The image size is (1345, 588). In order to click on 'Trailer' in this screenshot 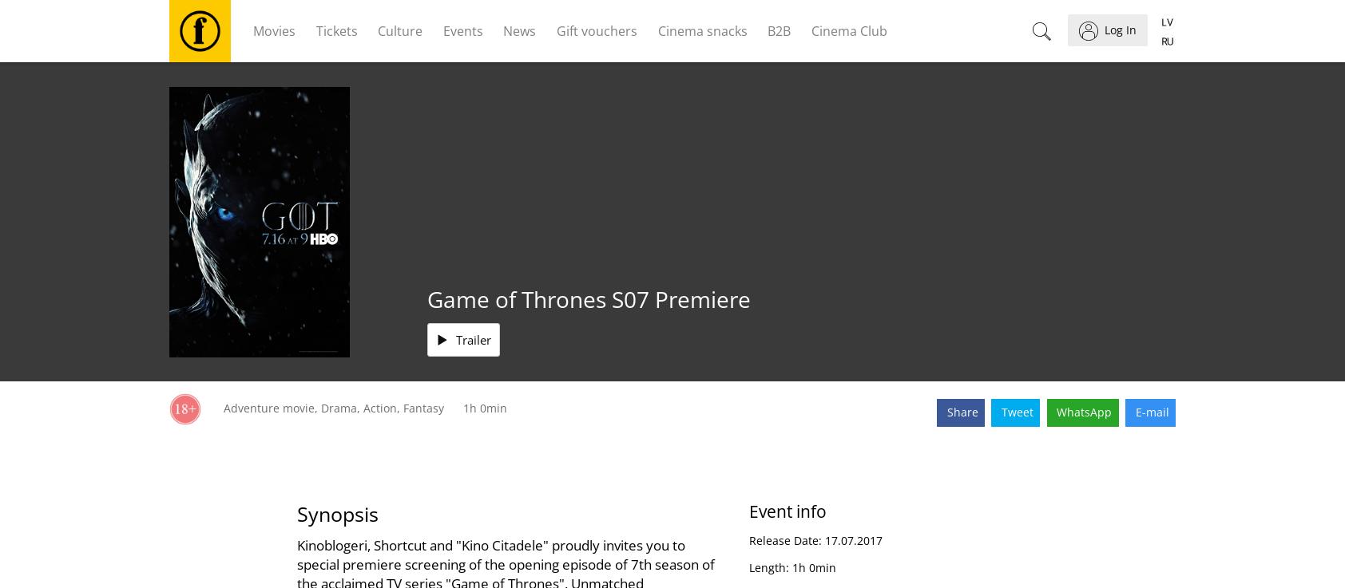, I will do `click(471, 338)`.